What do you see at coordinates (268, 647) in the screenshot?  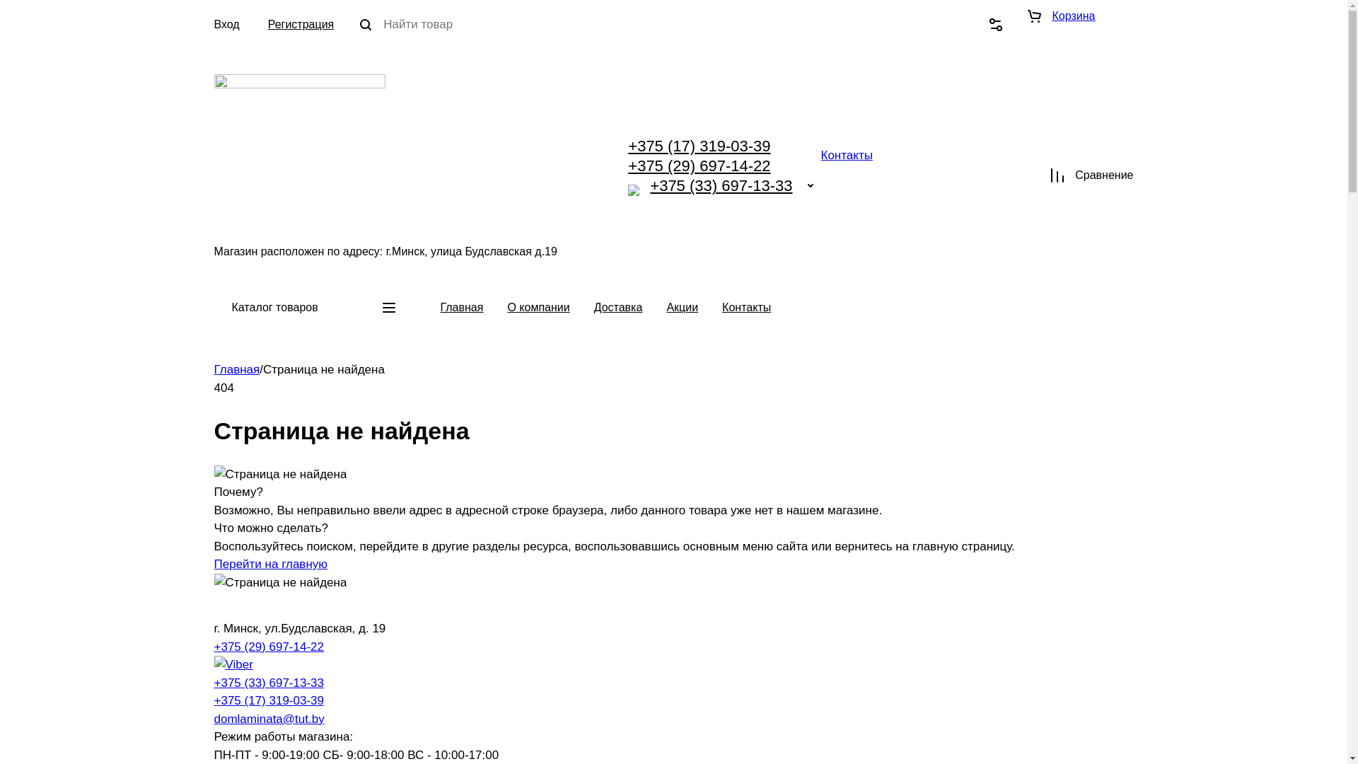 I see `'+375 (29) 697-14-22'` at bounding box center [268, 647].